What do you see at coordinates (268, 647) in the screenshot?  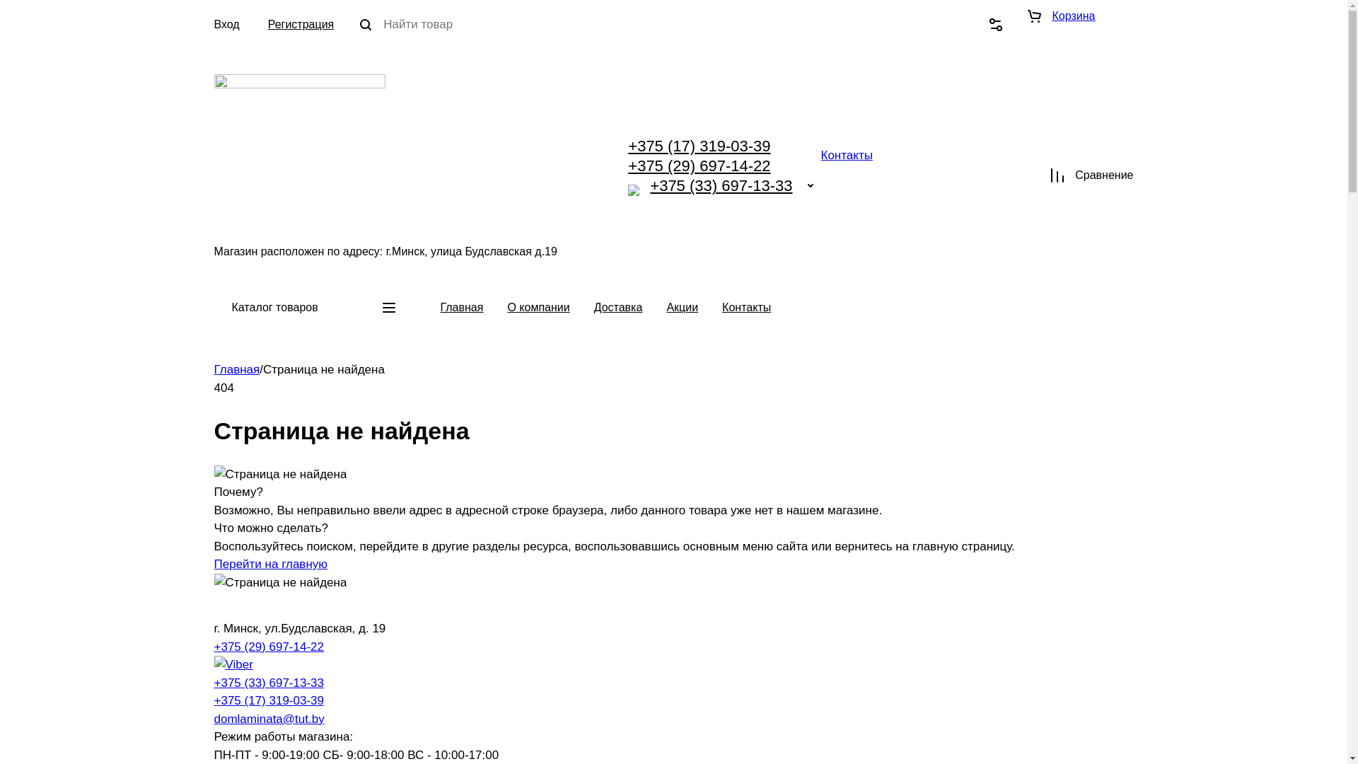 I see `'+375 (29) 697-14-22'` at bounding box center [268, 647].